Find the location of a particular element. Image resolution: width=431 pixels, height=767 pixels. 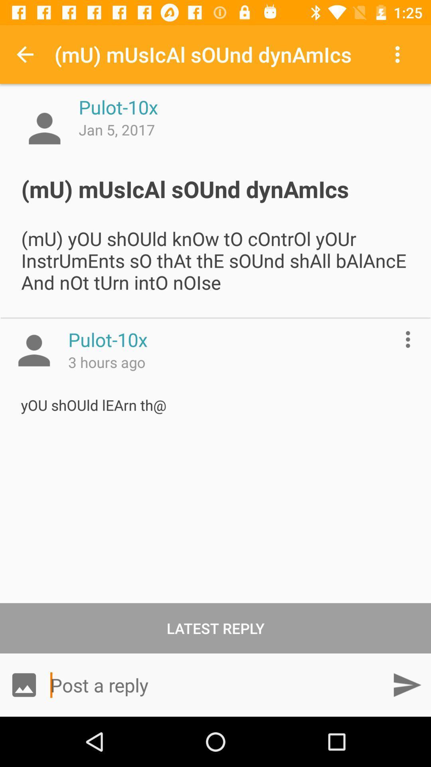

post a reply is located at coordinates (215, 684).